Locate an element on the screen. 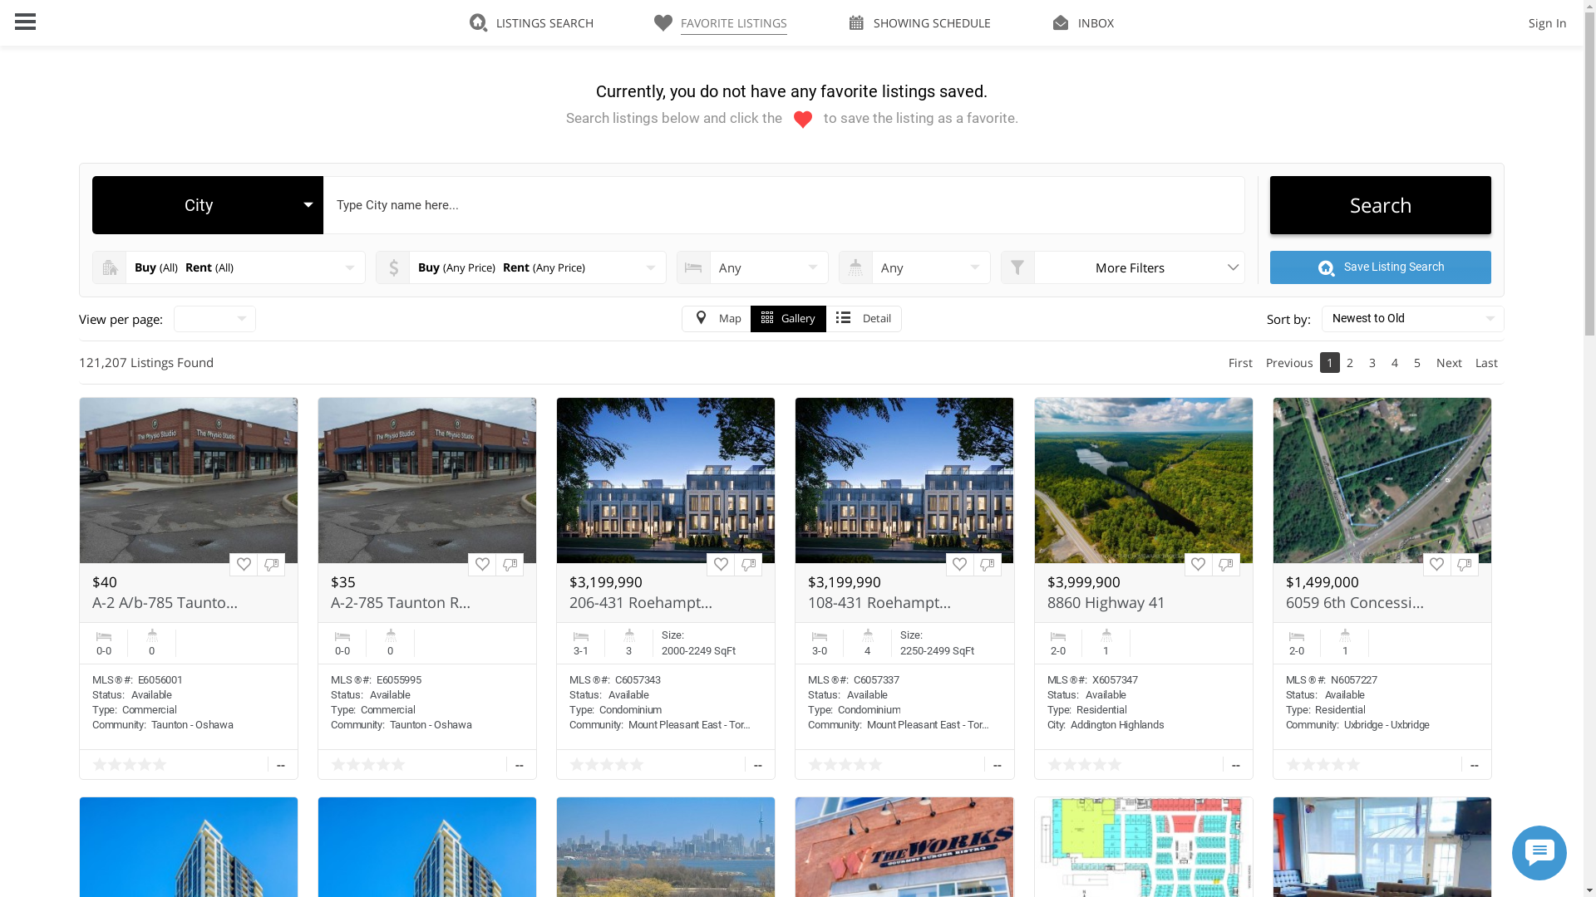 The height and width of the screenshot is (897, 1596). 'LISTINGS SEARCH' is located at coordinates (530, 22).